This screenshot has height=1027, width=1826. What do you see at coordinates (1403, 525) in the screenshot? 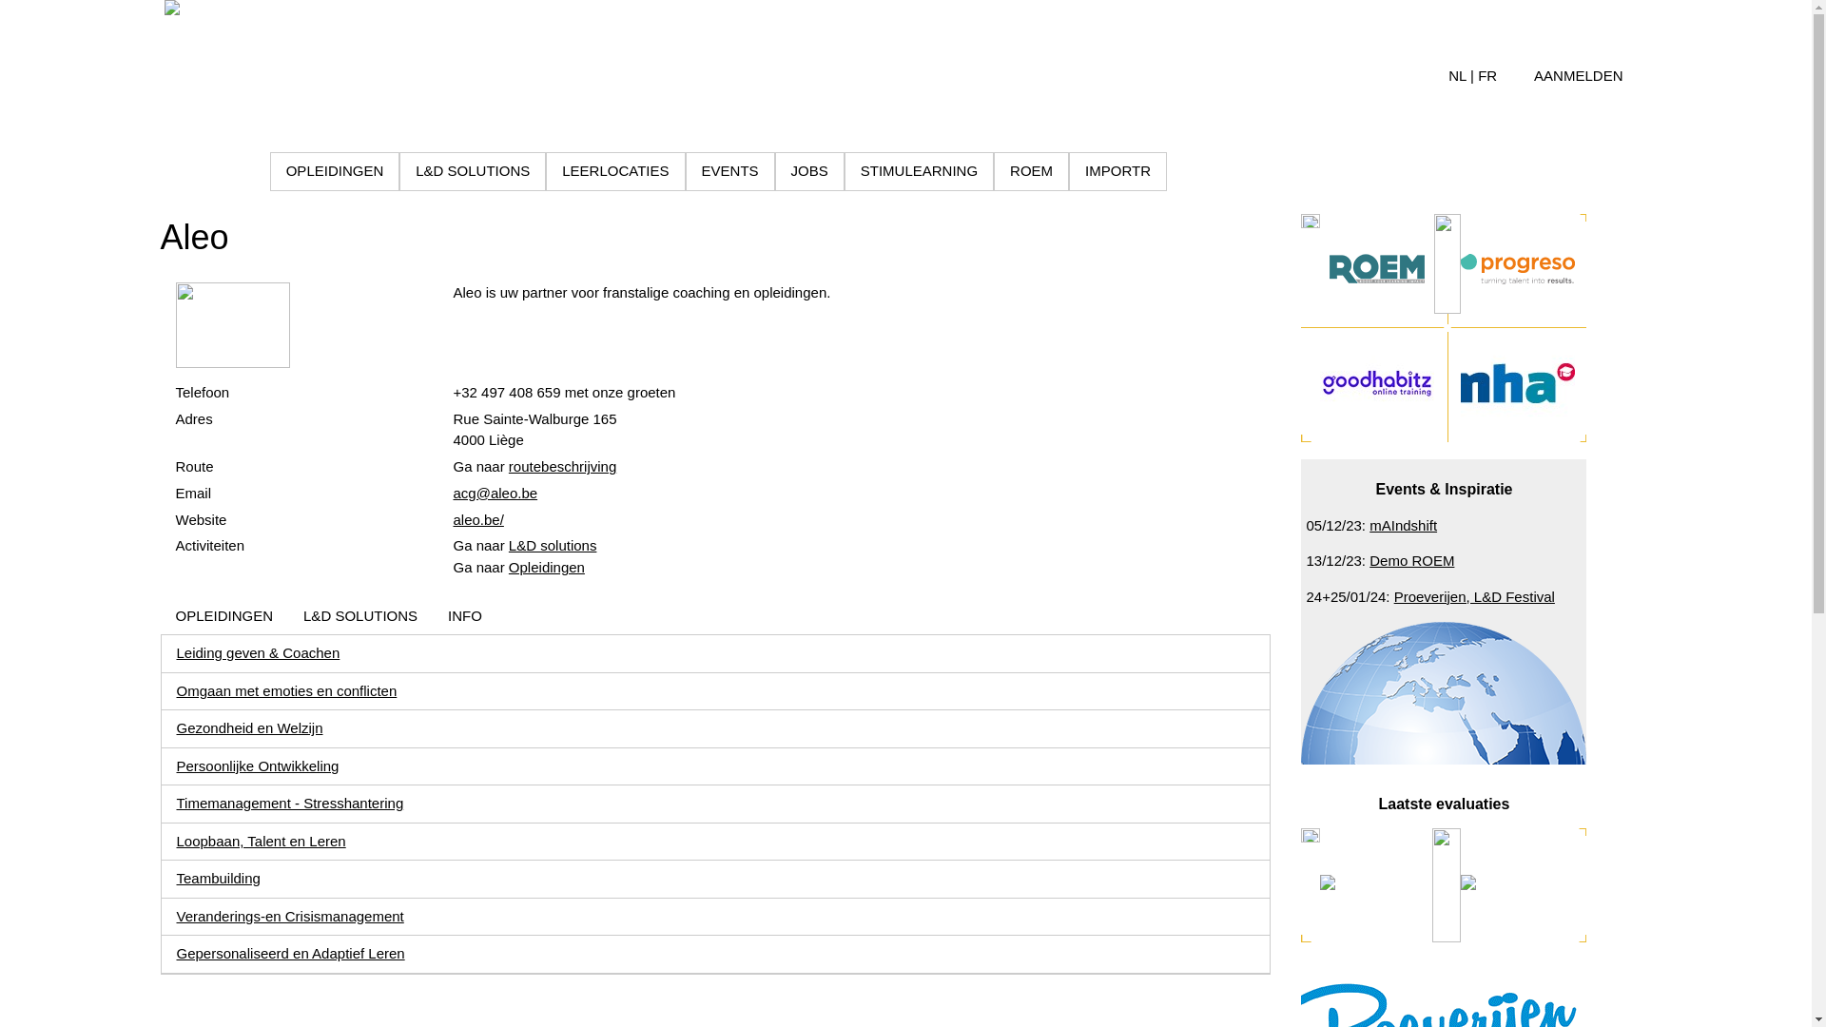
I see `'mAIndshift'` at bounding box center [1403, 525].